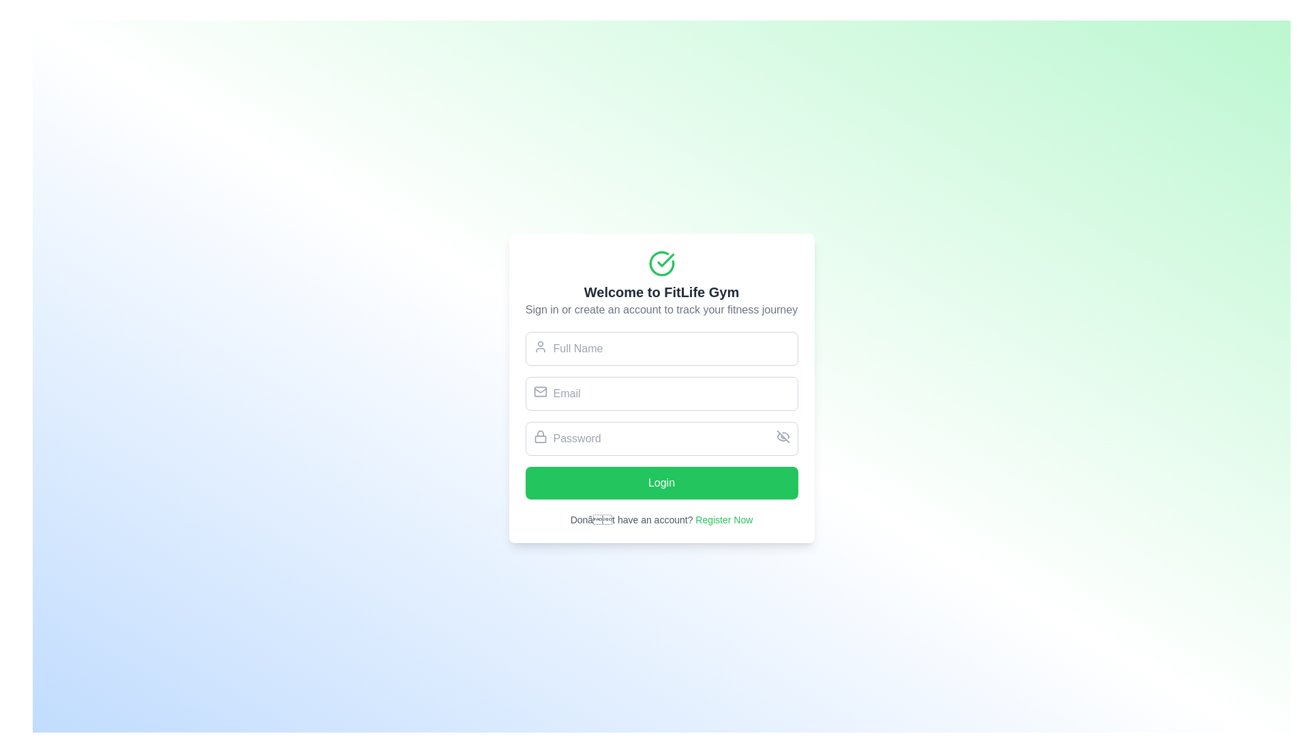  I want to click on the lock icon located inside the 'Password' text input field, which is represented by a black outline in a minimalist design, so click(539, 436).